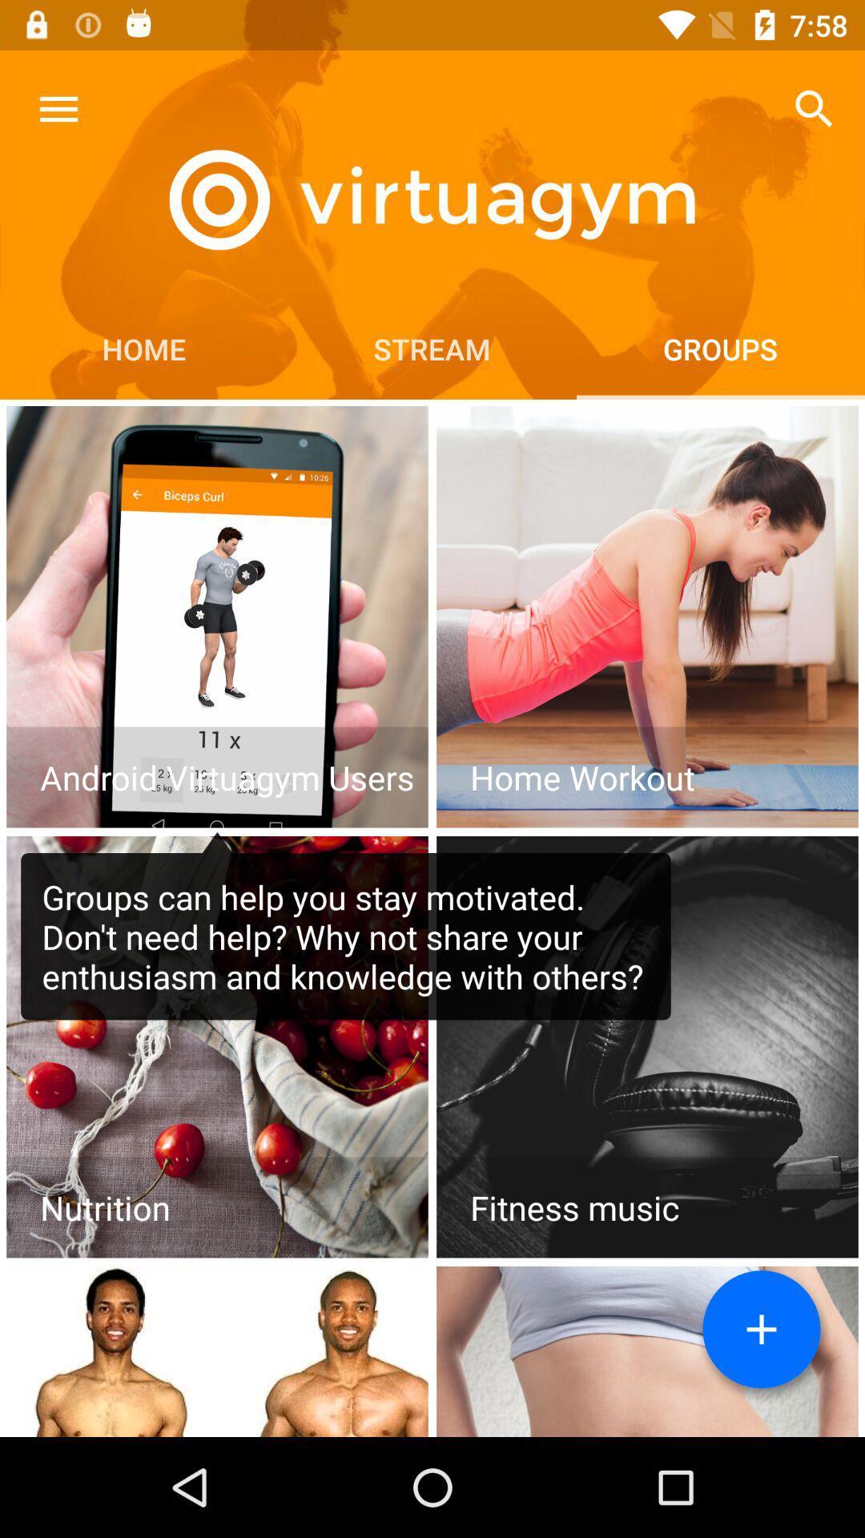  I want to click on group, so click(761, 1329).